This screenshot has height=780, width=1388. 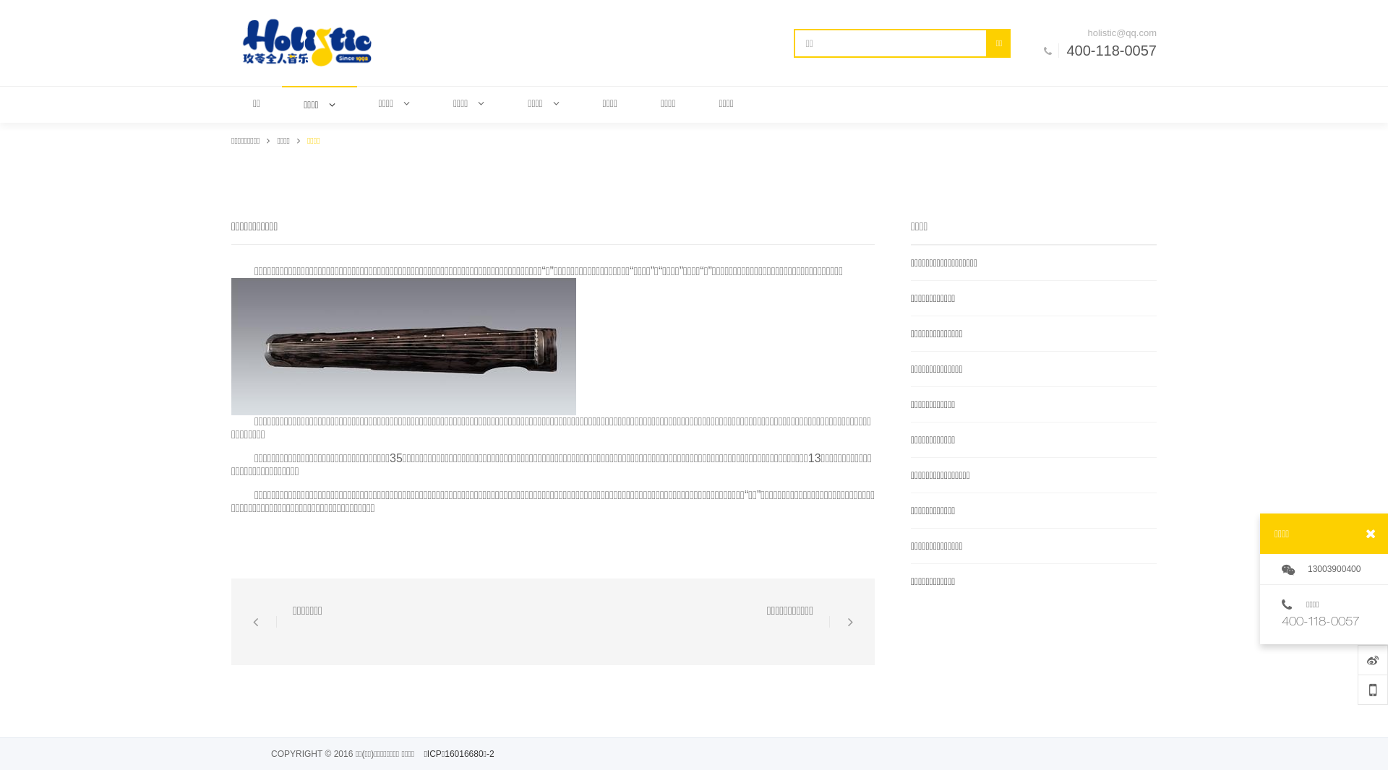 I want to click on 'holistic@qq.com', so click(x=1106, y=32).